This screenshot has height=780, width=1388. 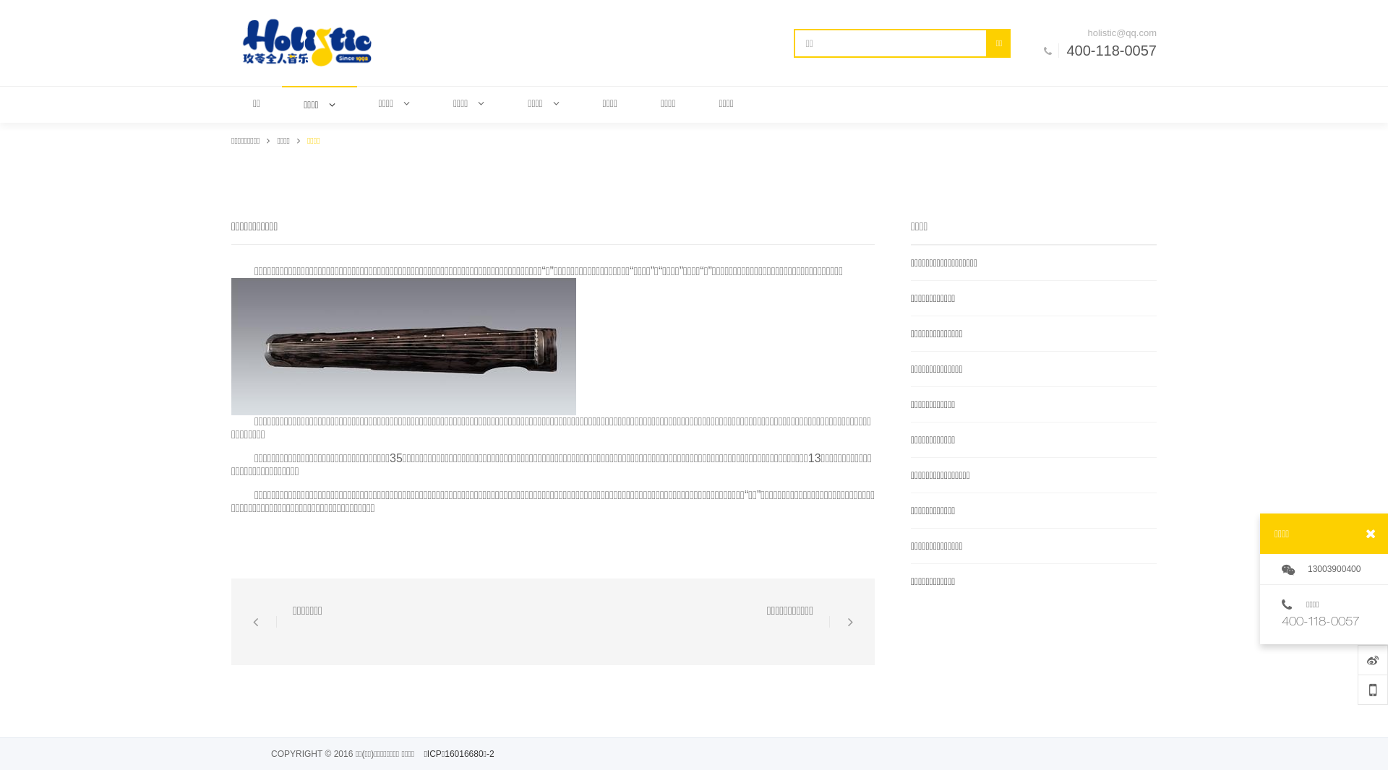 I want to click on 'holistic@qq.com', so click(x=1106, y=32).